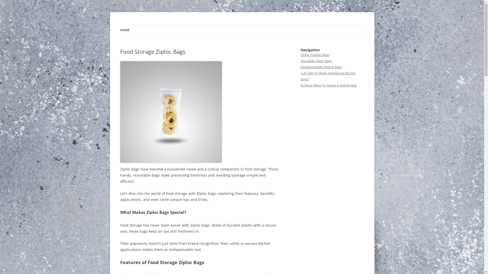  Describe the element at coordinates (242, 24) in the screenshot. I see `'Skip to content'` at that location.